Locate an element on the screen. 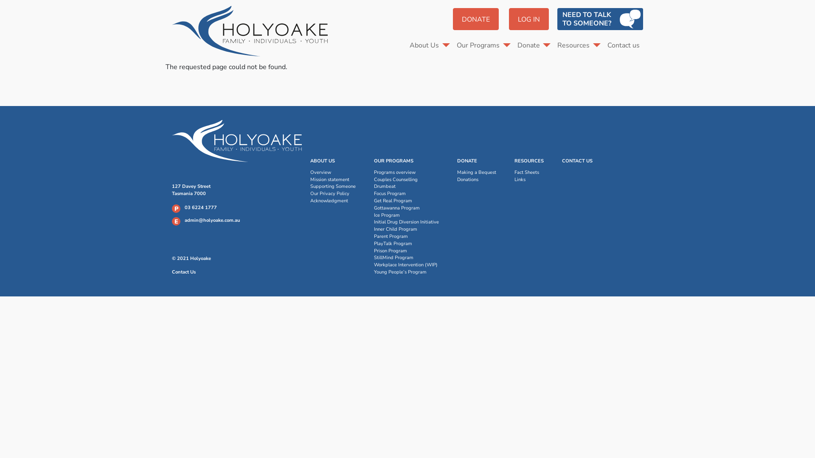  'DONATE' is located at coordinates (452, 19).